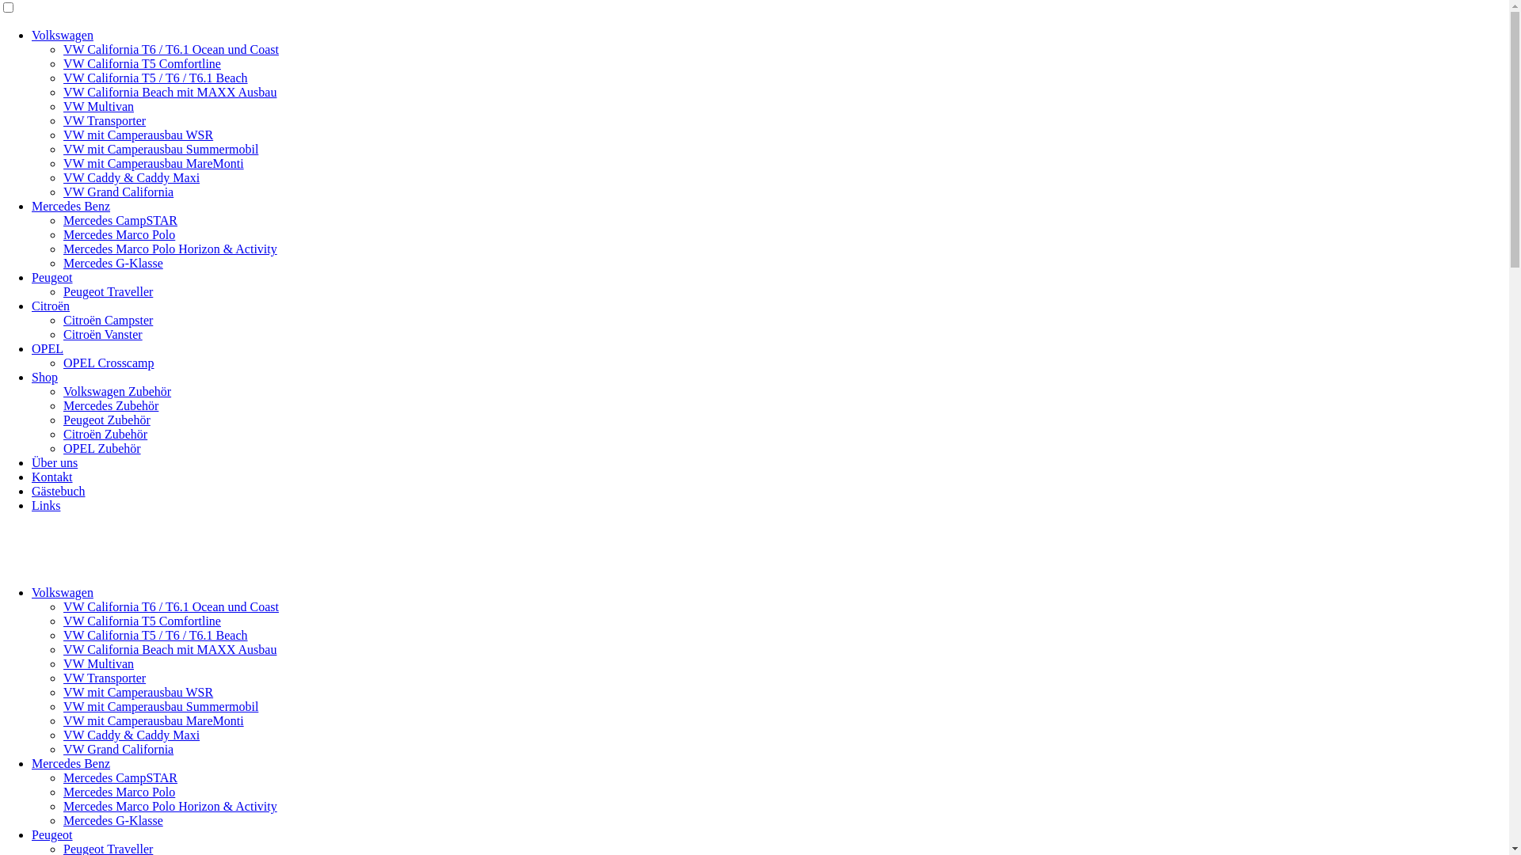 This screenshot has width=1521, height=855. What do you see at coordinates (31, 505) in the screenshot?
I see `'Links'` at bounding box center [31, 505].